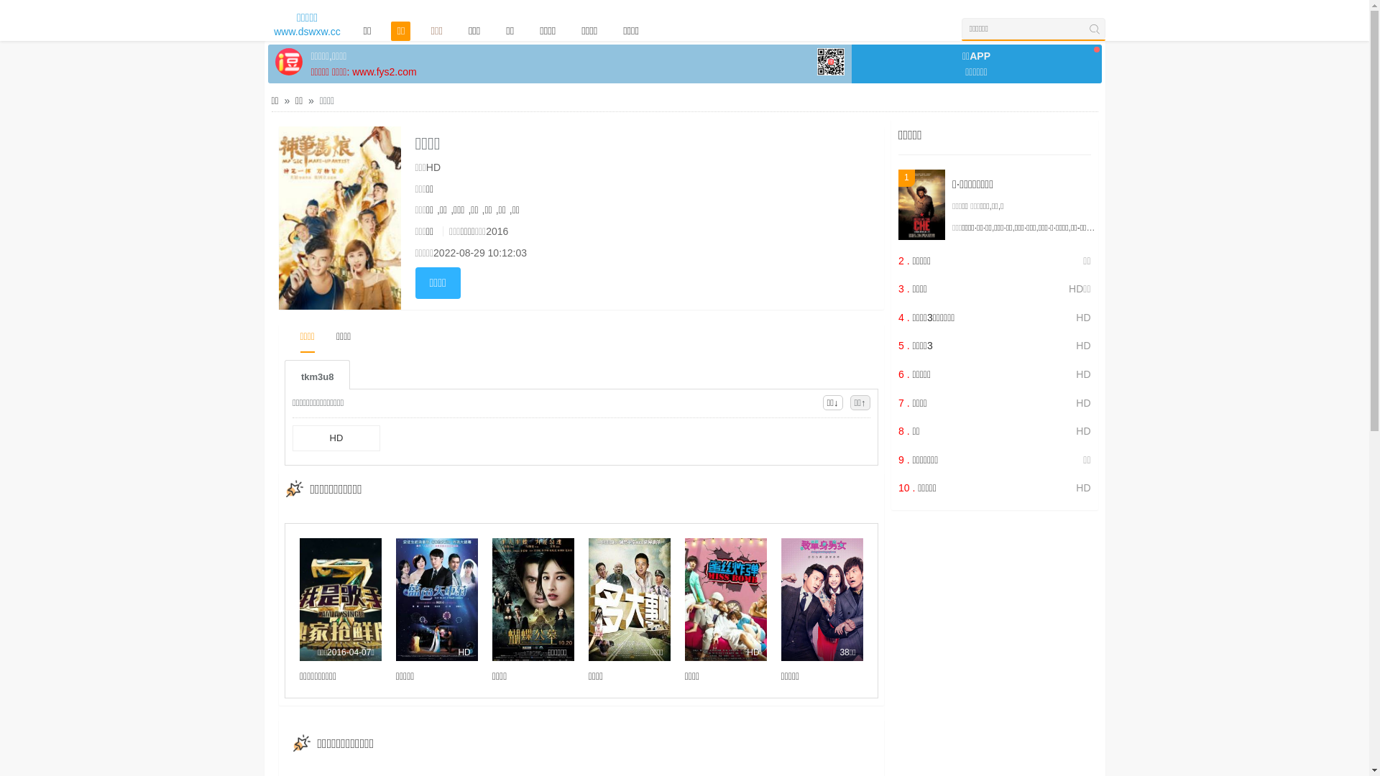  I want to click on 'HD', so click(335, 437).